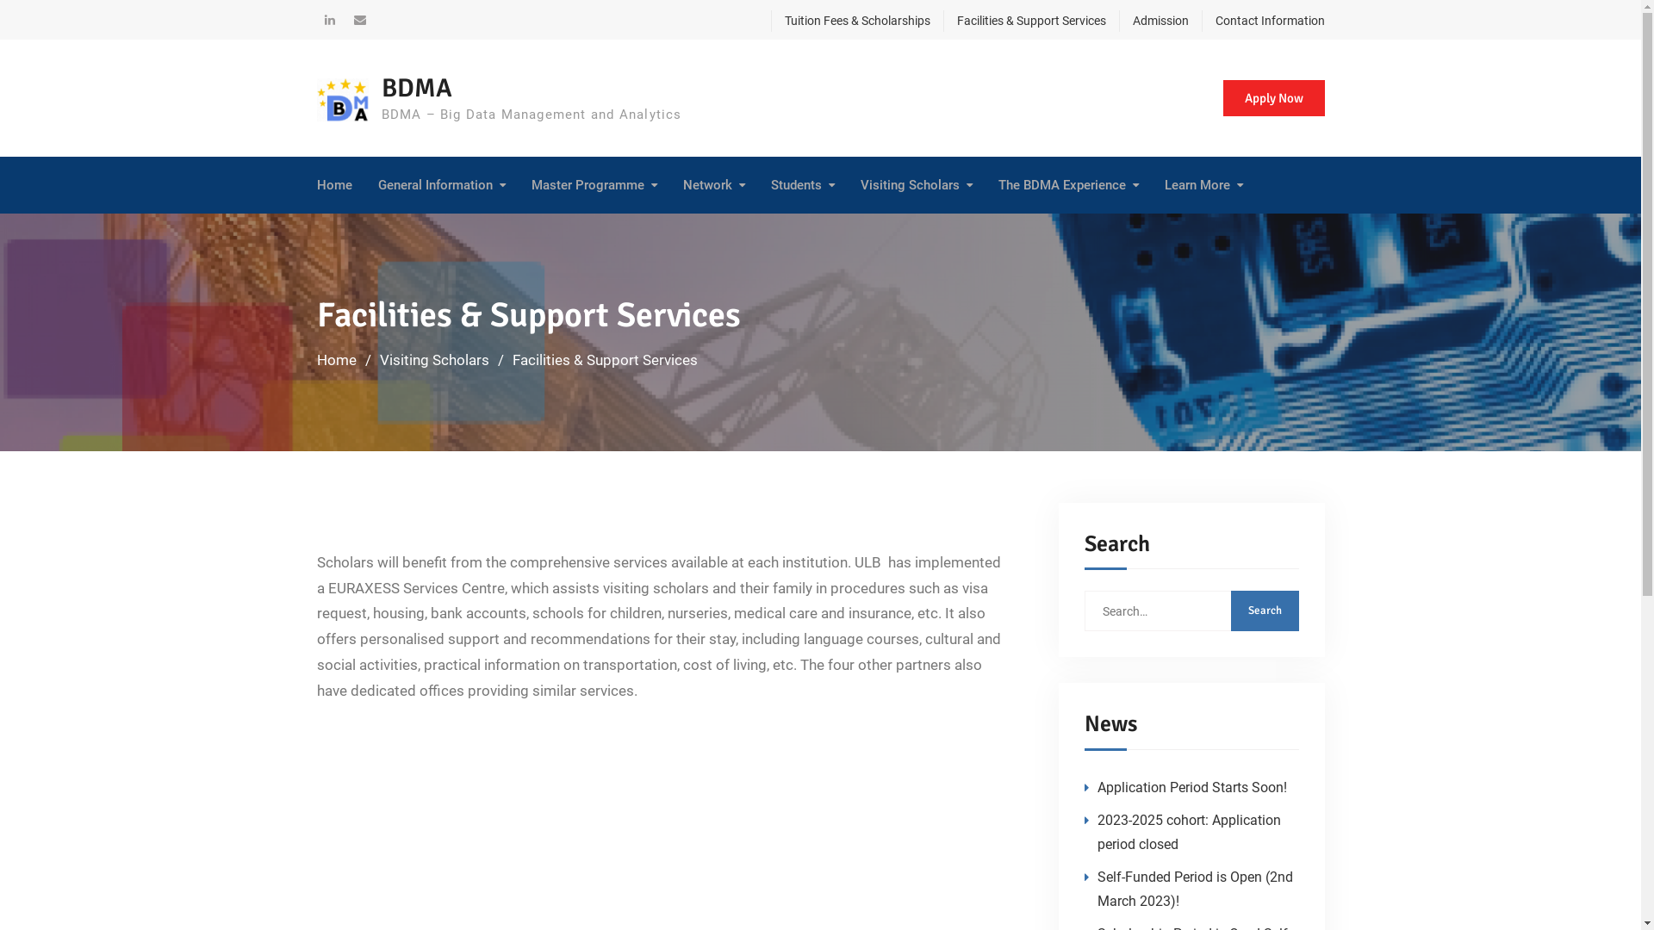  Describe the element at coordinates (1188, 831) in the screenshot. I see `'2023-2025 cohort: Application period closed'` at that location.